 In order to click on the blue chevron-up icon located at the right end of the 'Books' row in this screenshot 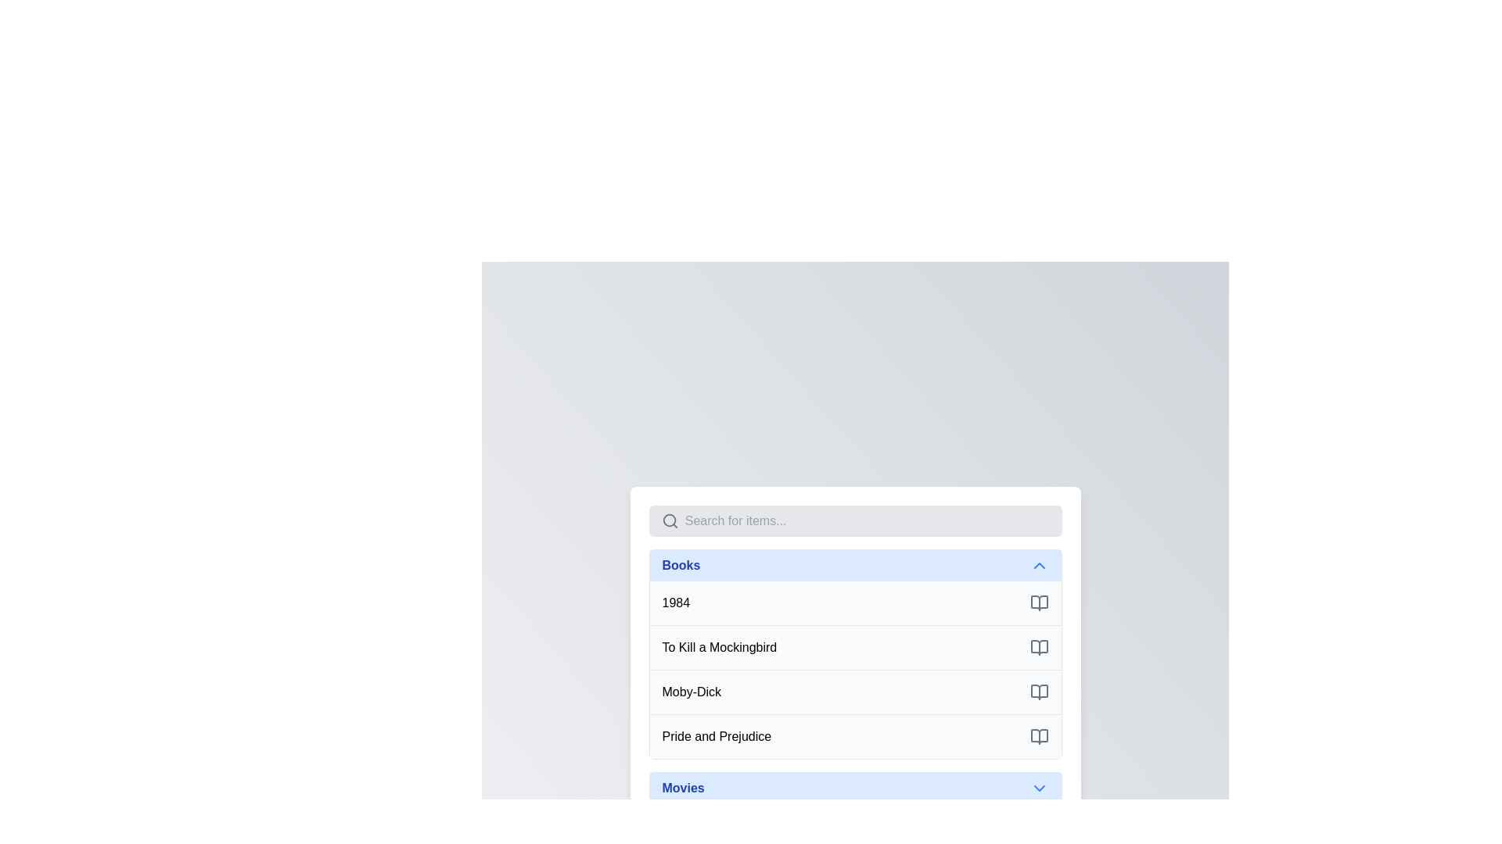, I will do `click(1039, 565)`.